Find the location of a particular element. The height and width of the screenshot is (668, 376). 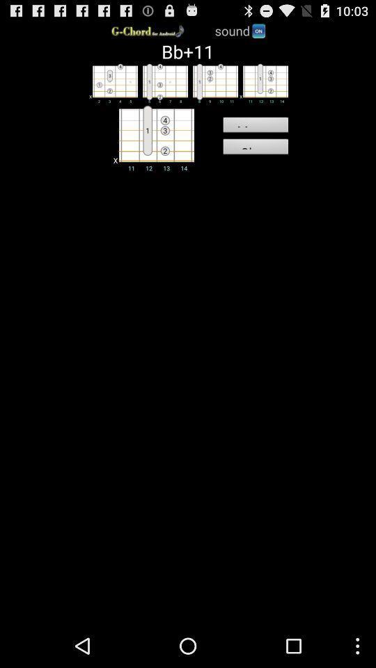

chord is located at coordinates (162, 83).